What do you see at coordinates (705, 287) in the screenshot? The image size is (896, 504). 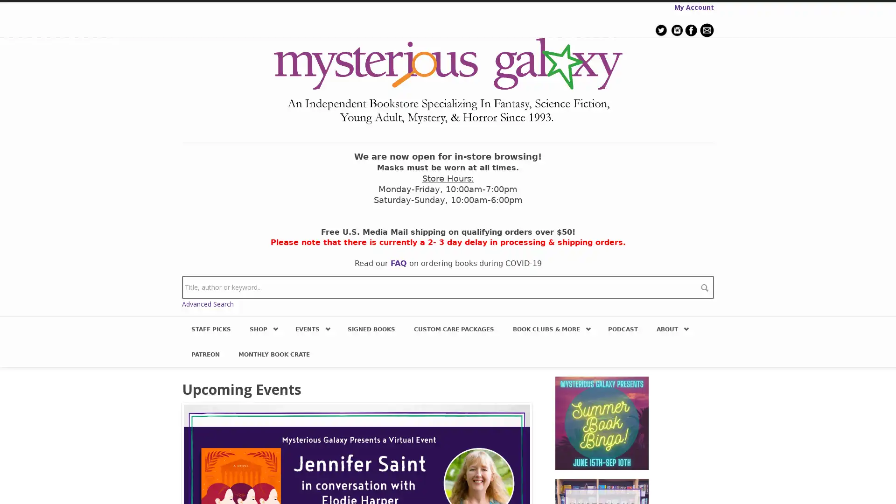 I see `search` at bounding box center [705, 287].